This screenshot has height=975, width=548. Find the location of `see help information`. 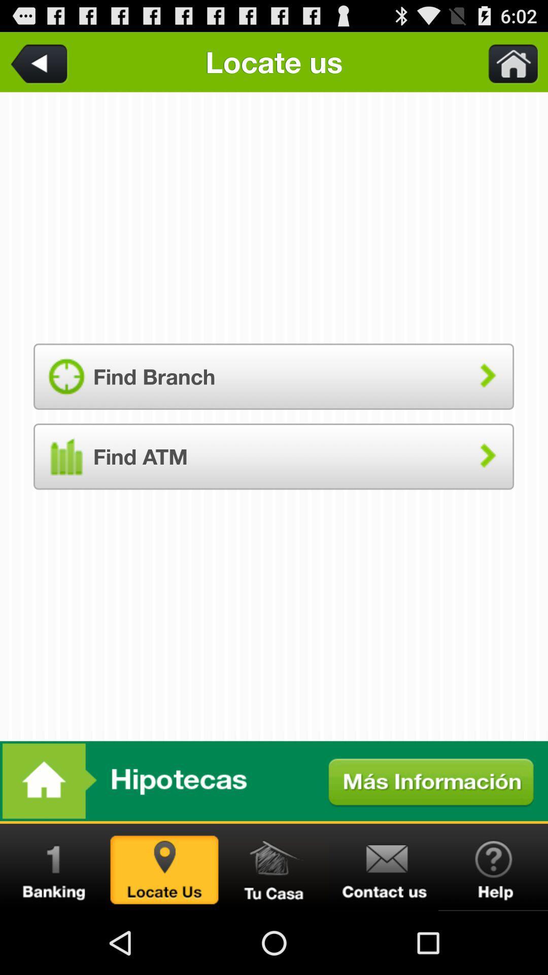

see help information is located at coordinates (493, 867).